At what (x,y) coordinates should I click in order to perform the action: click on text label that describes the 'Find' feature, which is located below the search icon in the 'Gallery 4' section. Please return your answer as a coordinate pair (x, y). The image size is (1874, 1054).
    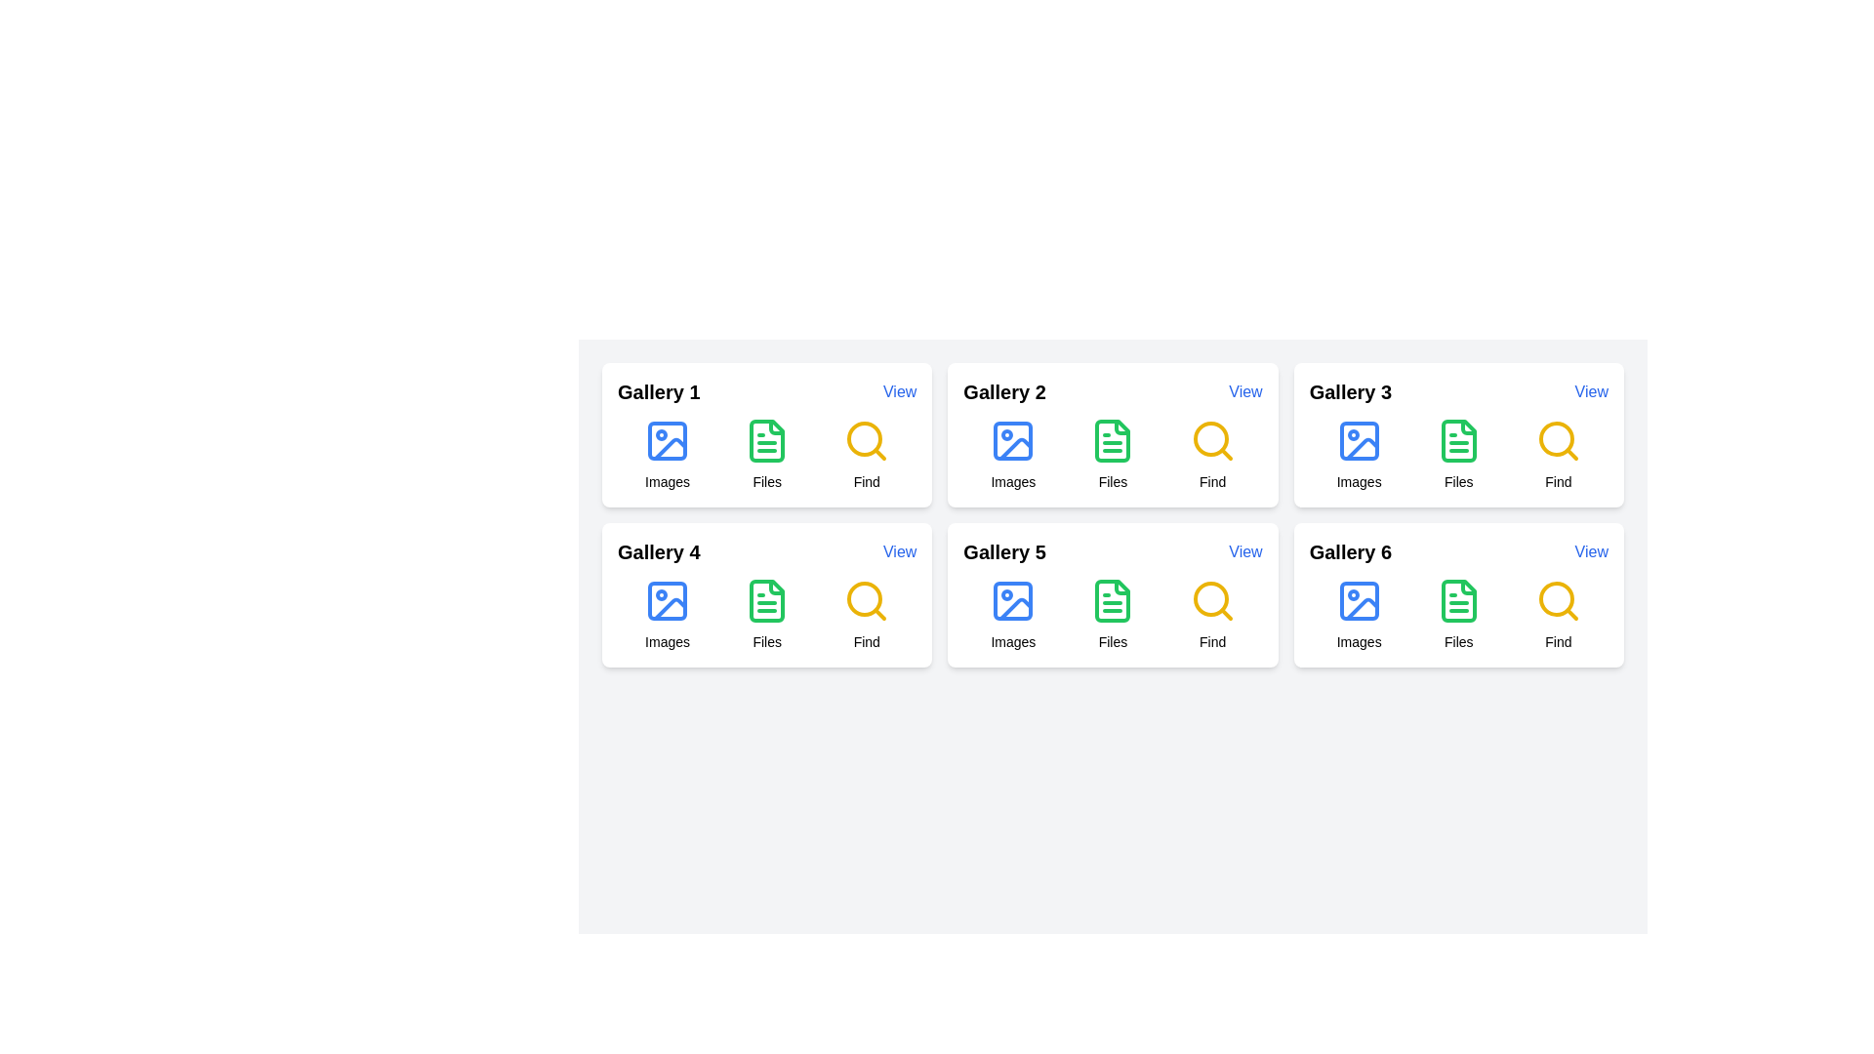
    Looking at the image, I should click on (866, 642).